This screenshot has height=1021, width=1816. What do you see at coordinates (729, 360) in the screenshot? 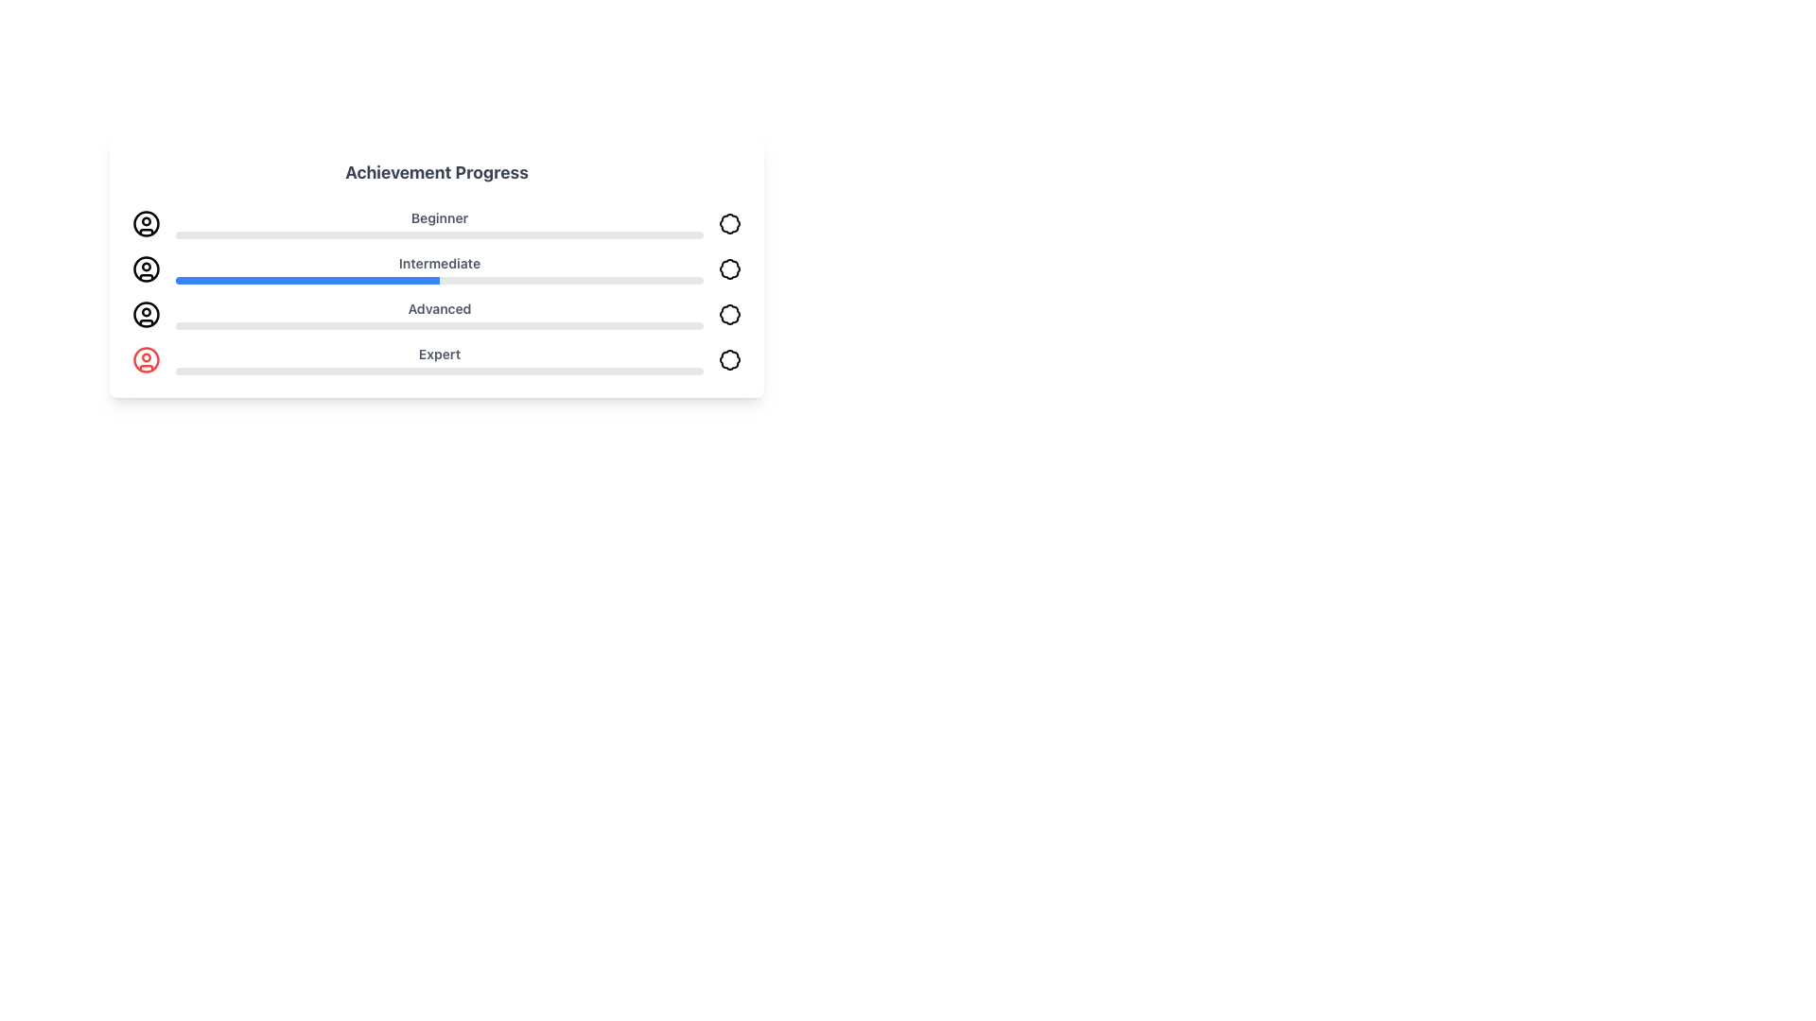
I see `the 'Expert' level badge icon, which is the last badge icon in the horizontal list of levels` at bounding box center [729, 360].